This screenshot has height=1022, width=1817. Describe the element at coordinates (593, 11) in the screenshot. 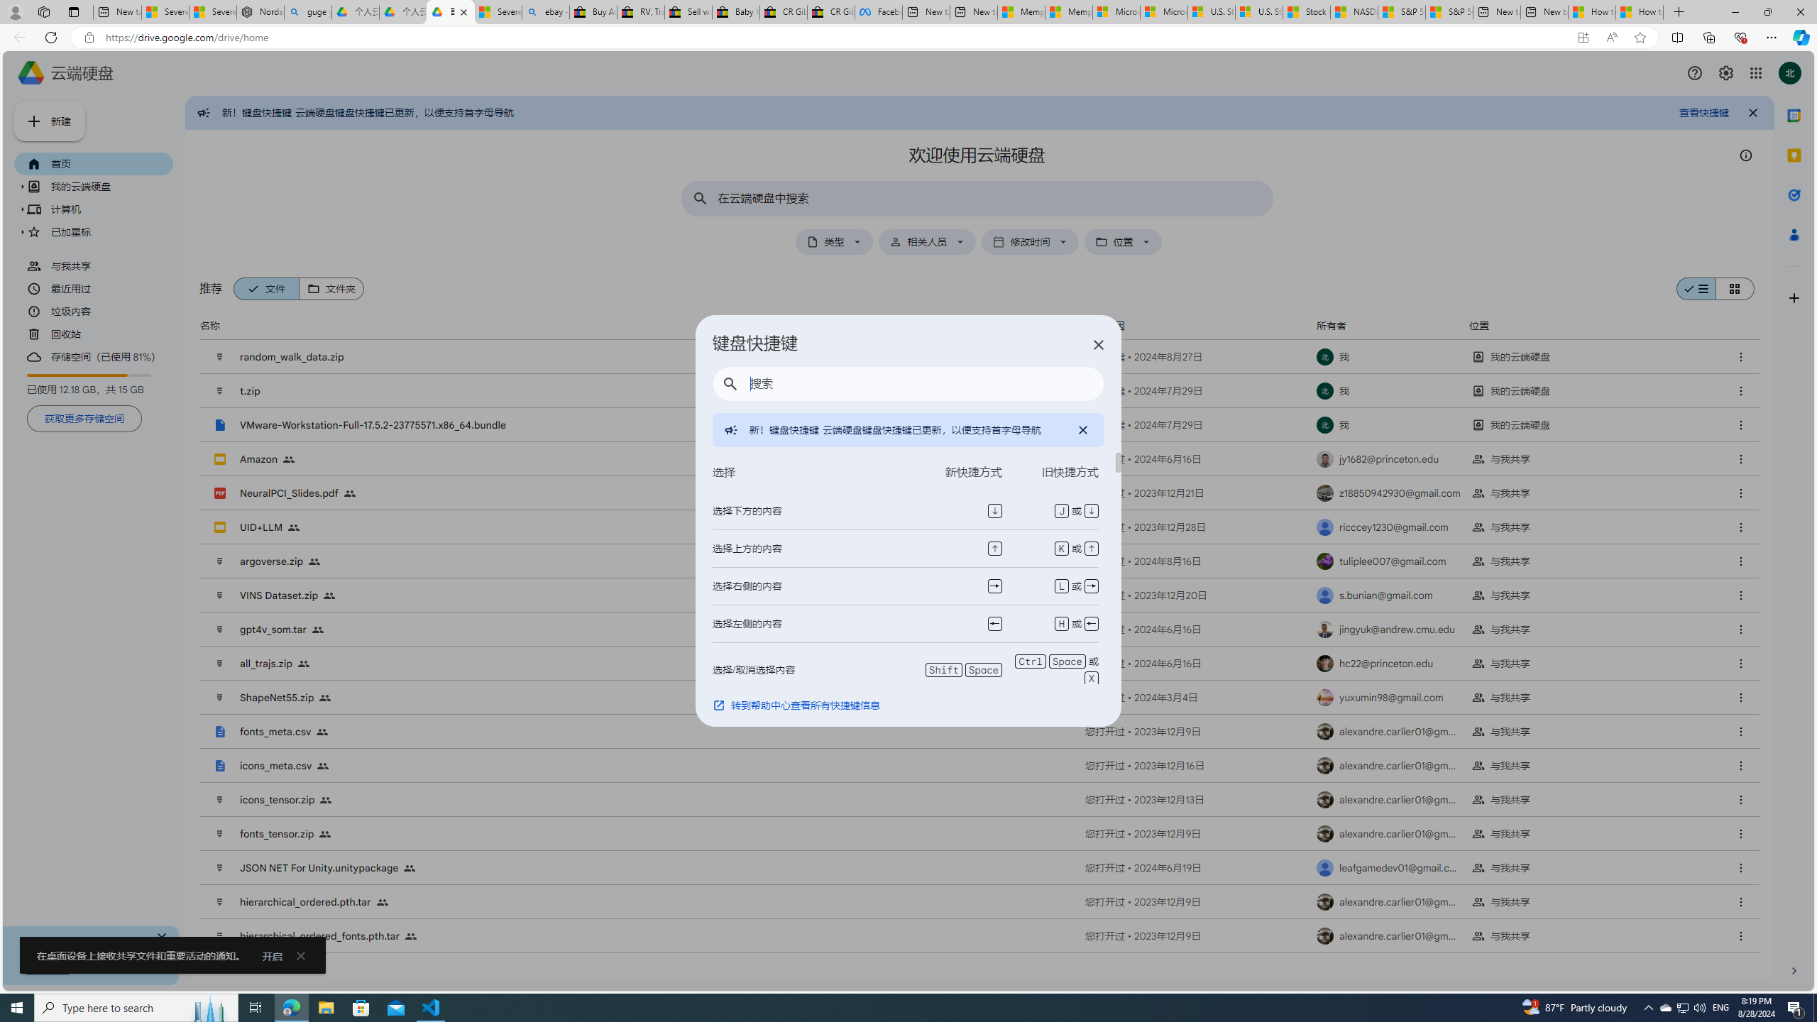

I see `'Buy Auto Parts & Accessories | eBay'` at that location.